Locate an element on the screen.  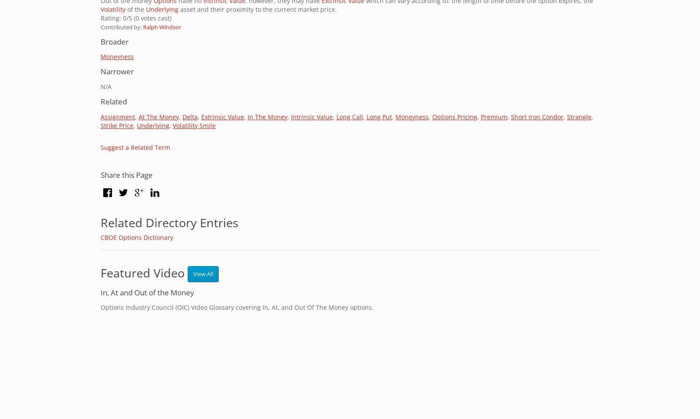
'Premium' is located at coordinates (494, 116).